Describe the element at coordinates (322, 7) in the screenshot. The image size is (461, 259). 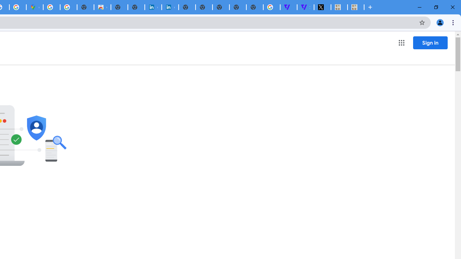
I see `'Miley Cyrus (@MileyCyrus) / X'` at that location.